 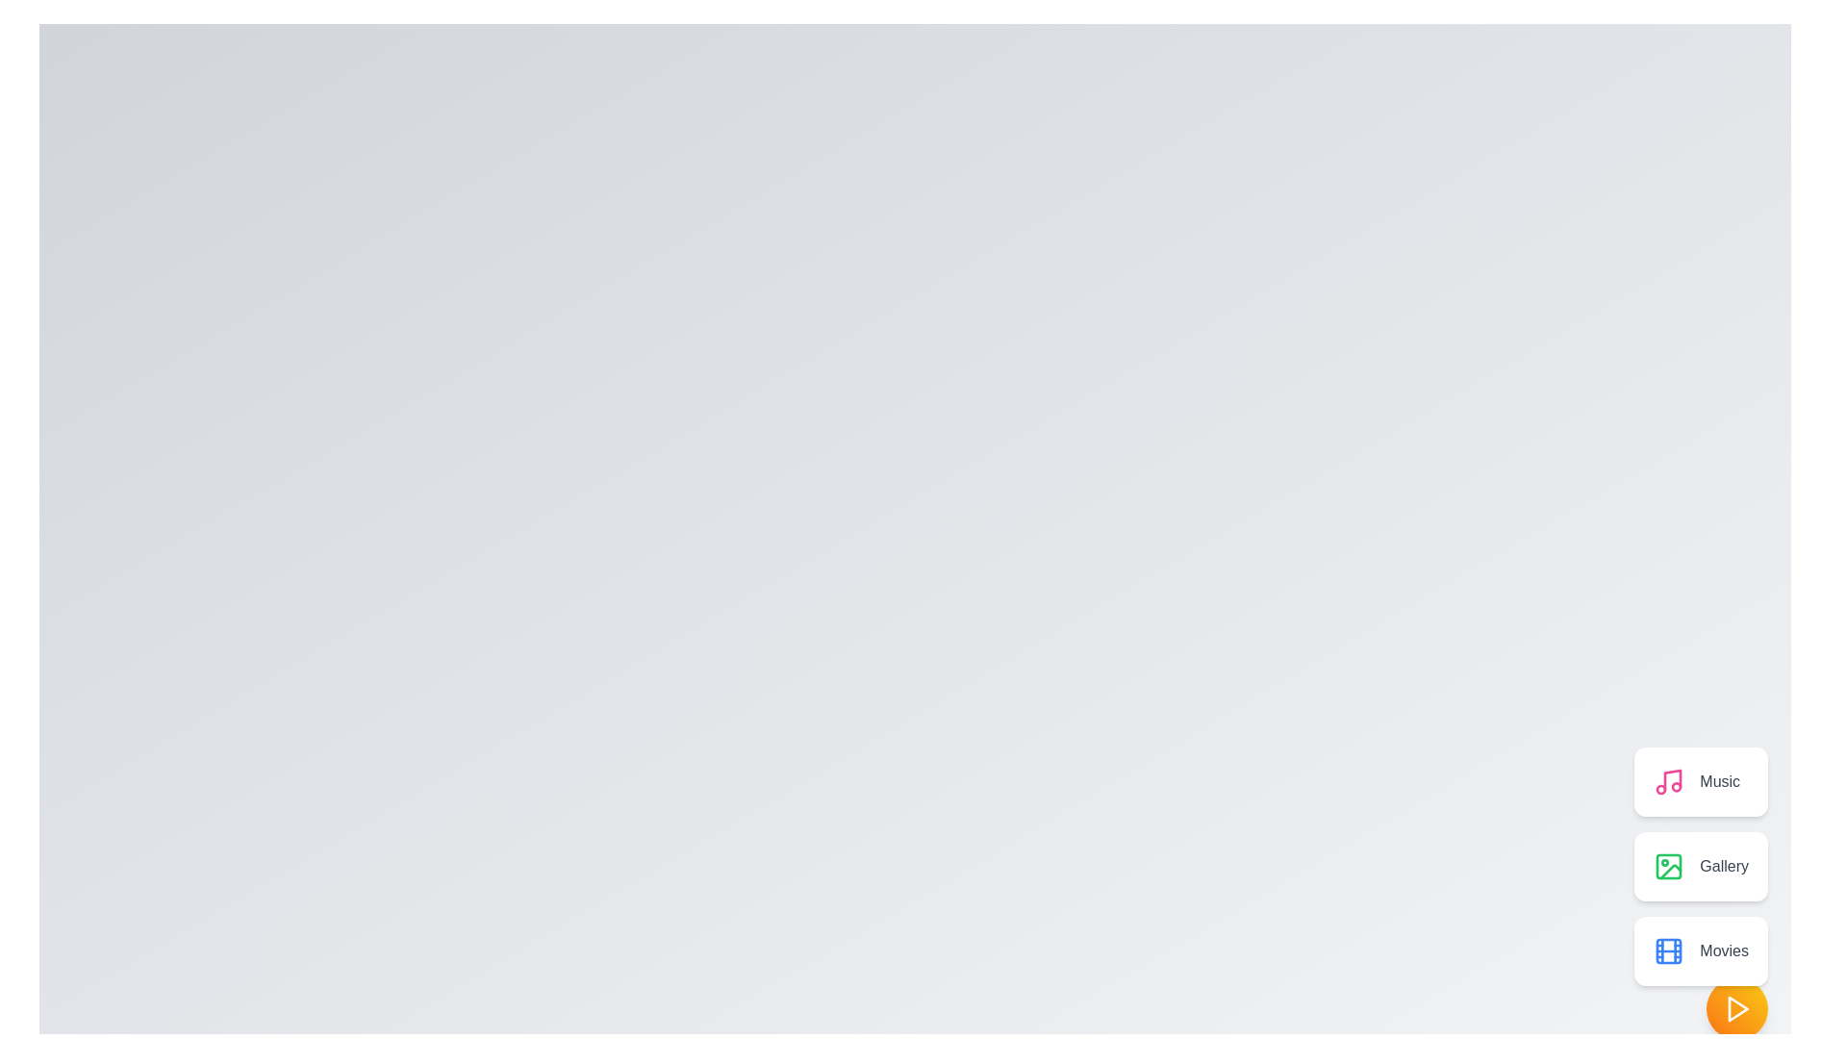 I want to click on the 'Music' button in the menu, so click(x=1700, y=782).